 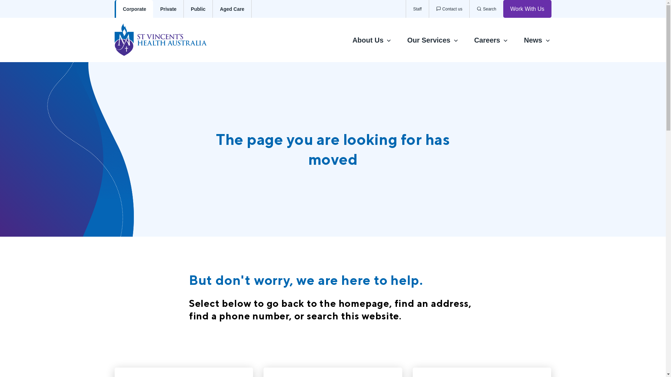 I want to click on 'Our Services', so click(x=432, y=40).